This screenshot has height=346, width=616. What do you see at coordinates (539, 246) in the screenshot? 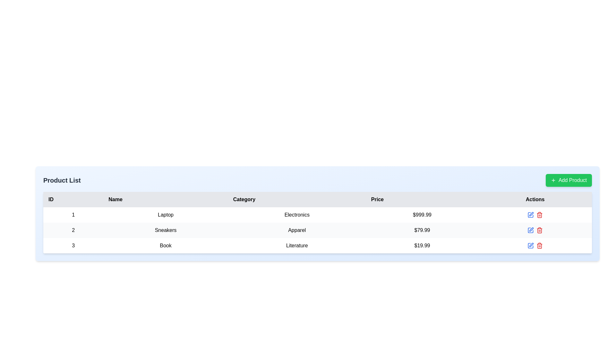
I see `the second vertical line within the trash can icon located in the 'Actions' column of the product table` at bounding box center [539, 246].